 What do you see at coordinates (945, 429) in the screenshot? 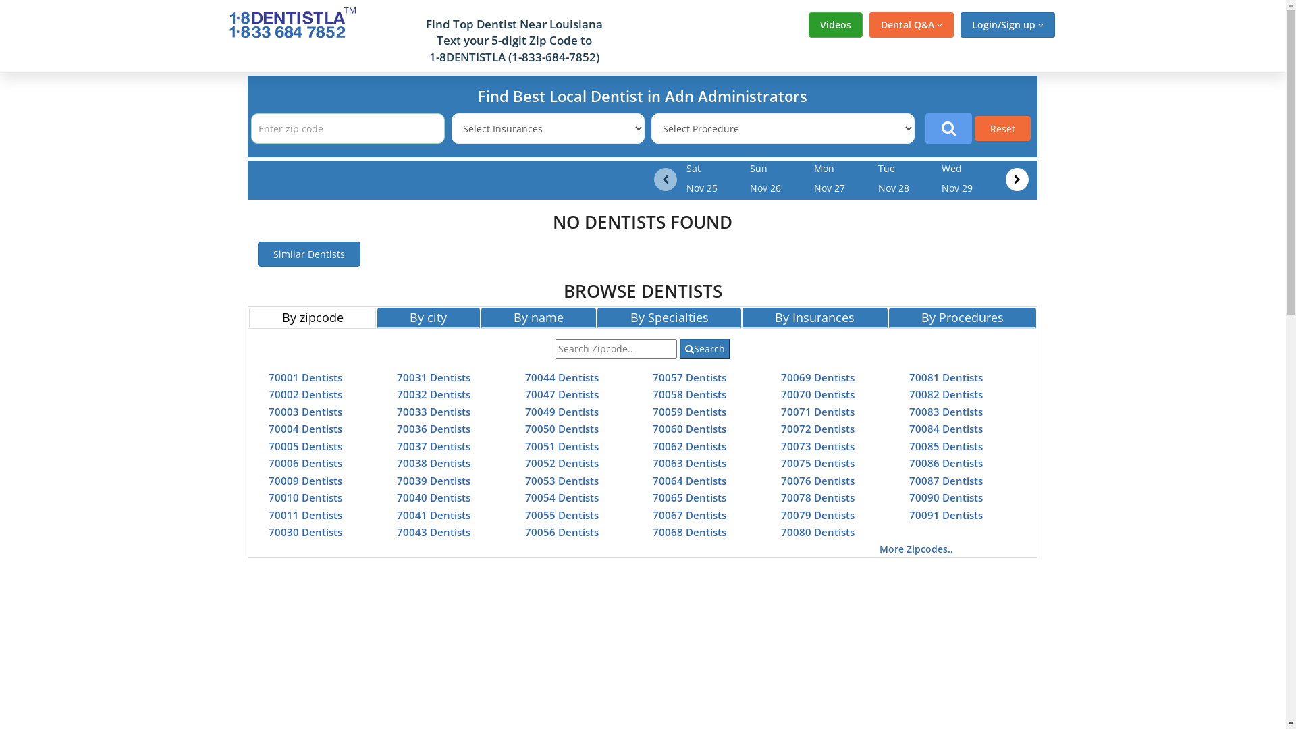
I see `'70084 Dentists'` at bounding box center [945, 429].